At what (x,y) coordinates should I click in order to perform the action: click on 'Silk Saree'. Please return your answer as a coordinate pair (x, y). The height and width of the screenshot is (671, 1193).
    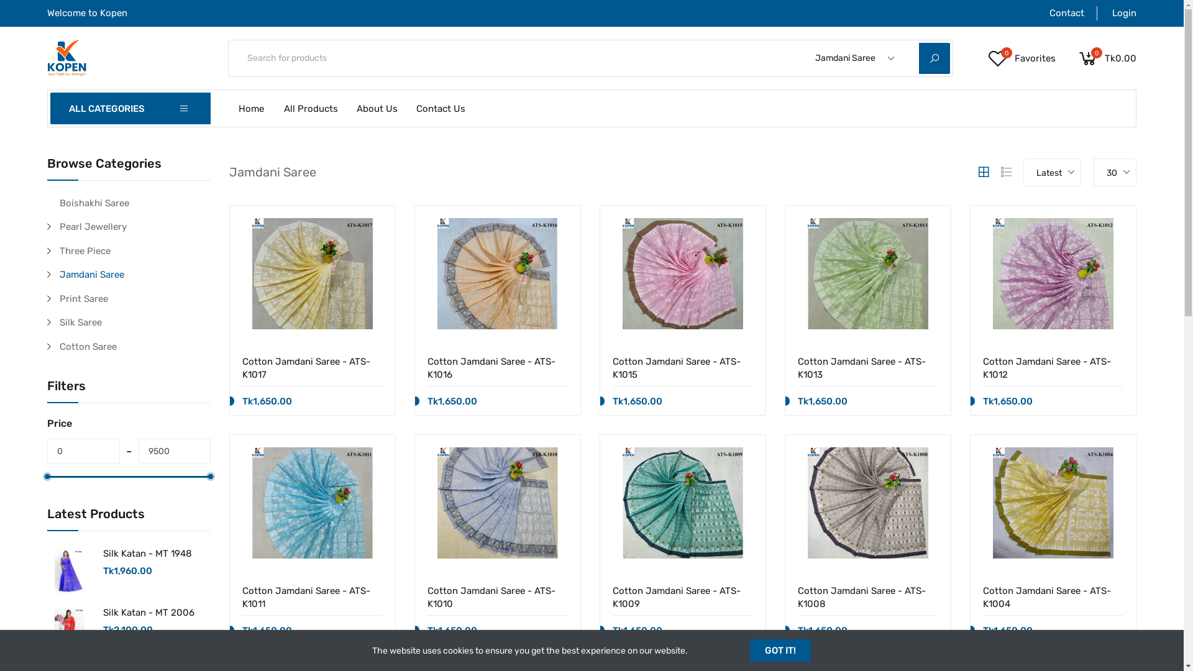
    Looking at the image, I should click on (135, 322).